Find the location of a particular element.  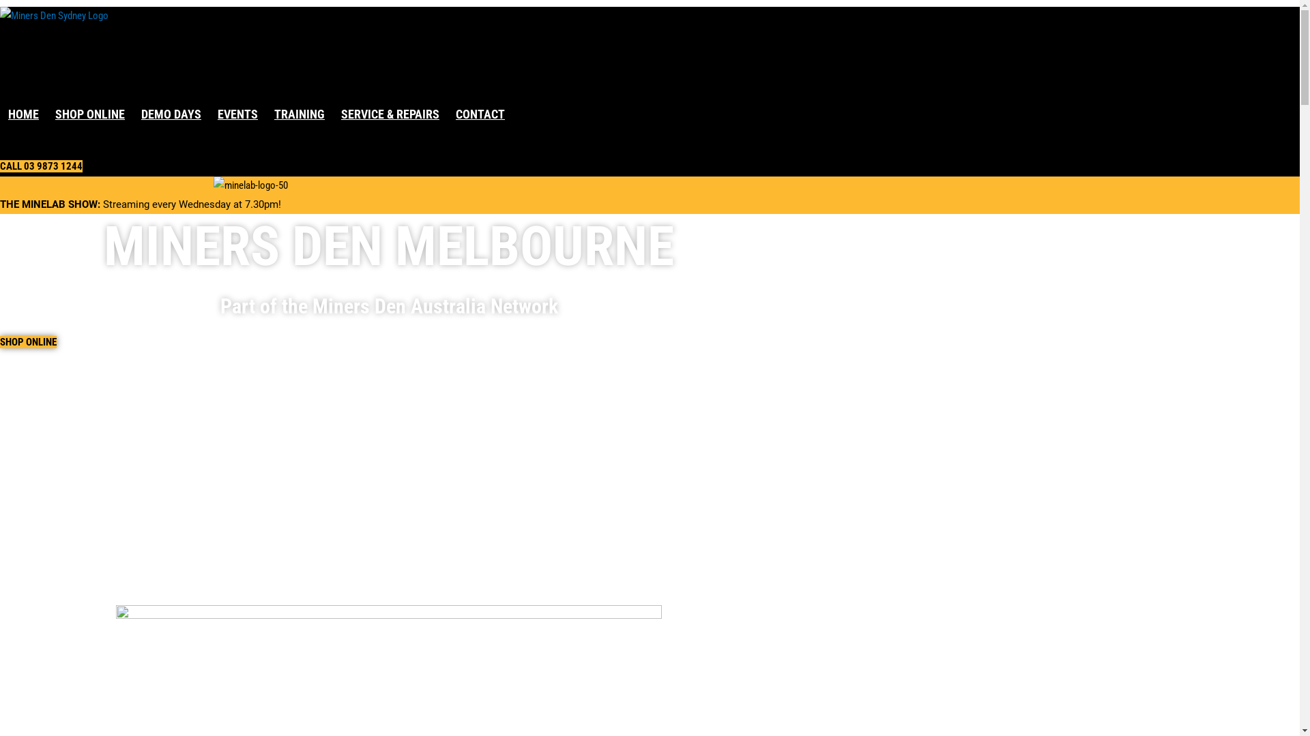

'DEMO DAYS' is located at coordinates (170, 114).